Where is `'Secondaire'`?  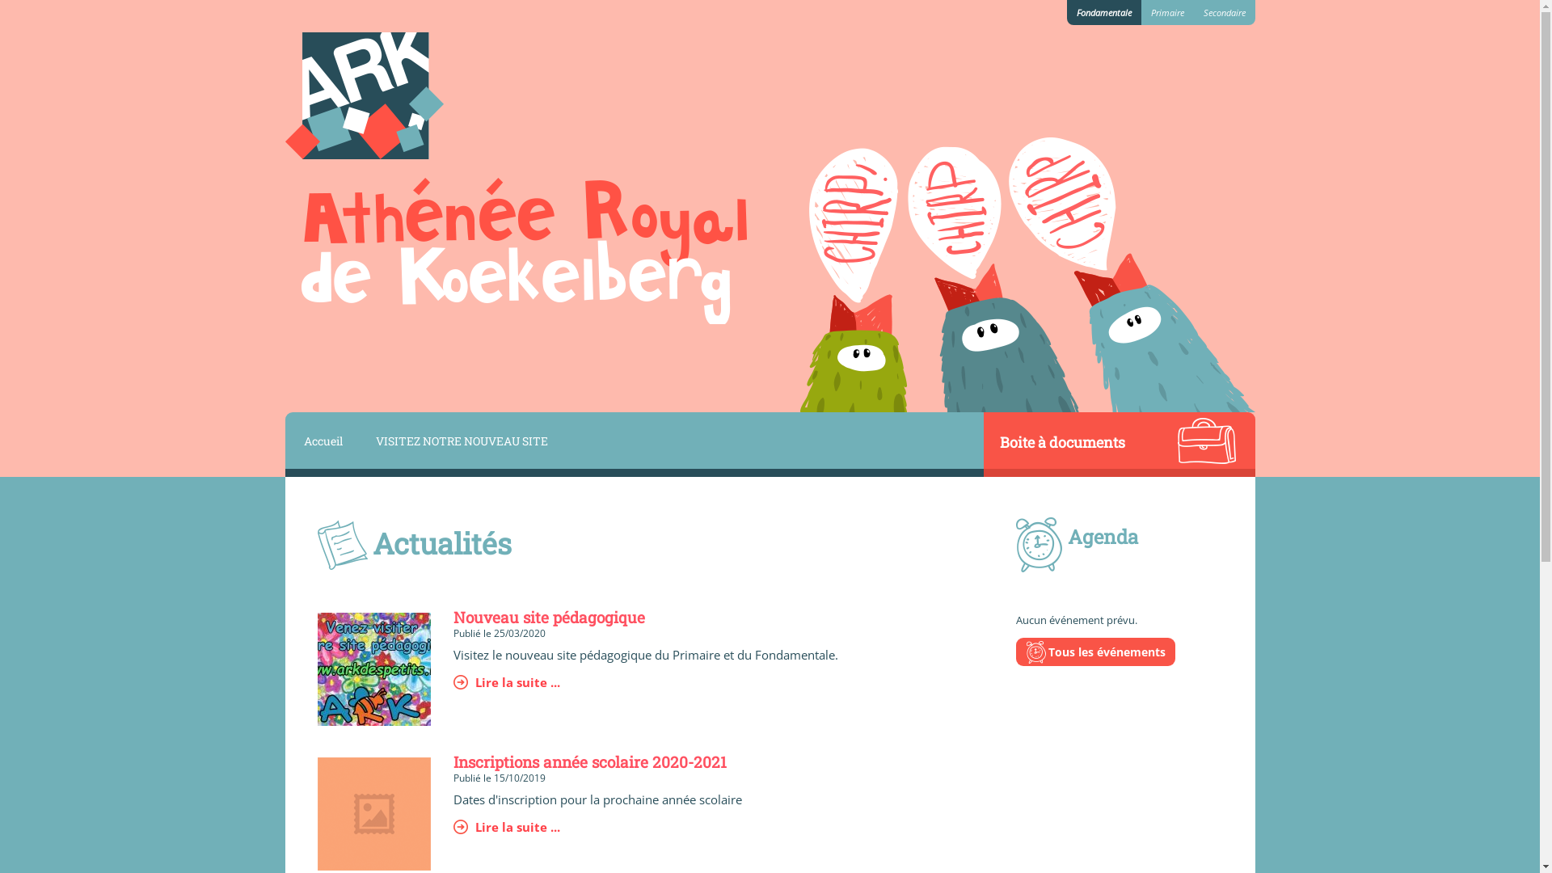
'Secondaire' is located at coordinates (1223, 12).